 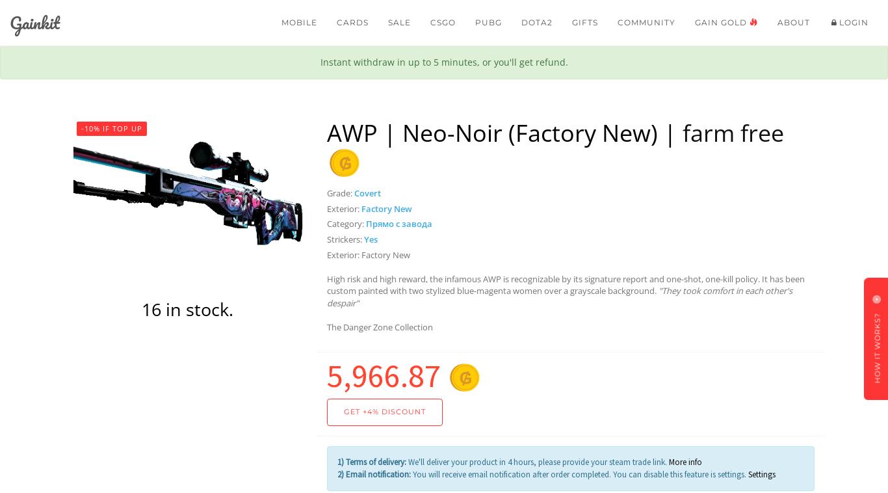 I want to click on 'High risk and high reward, the infamous AWP is recognizable by its signature report and one-shot, one-kill policy. It has been custom painted with two stylized blue-magenta women over a grayscale background.', so click(x=565, y=284).